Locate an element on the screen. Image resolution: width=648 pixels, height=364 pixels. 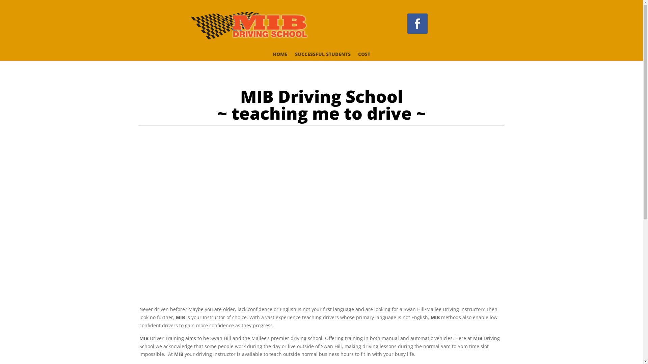
'COST' is located at coordinates (364, 55).